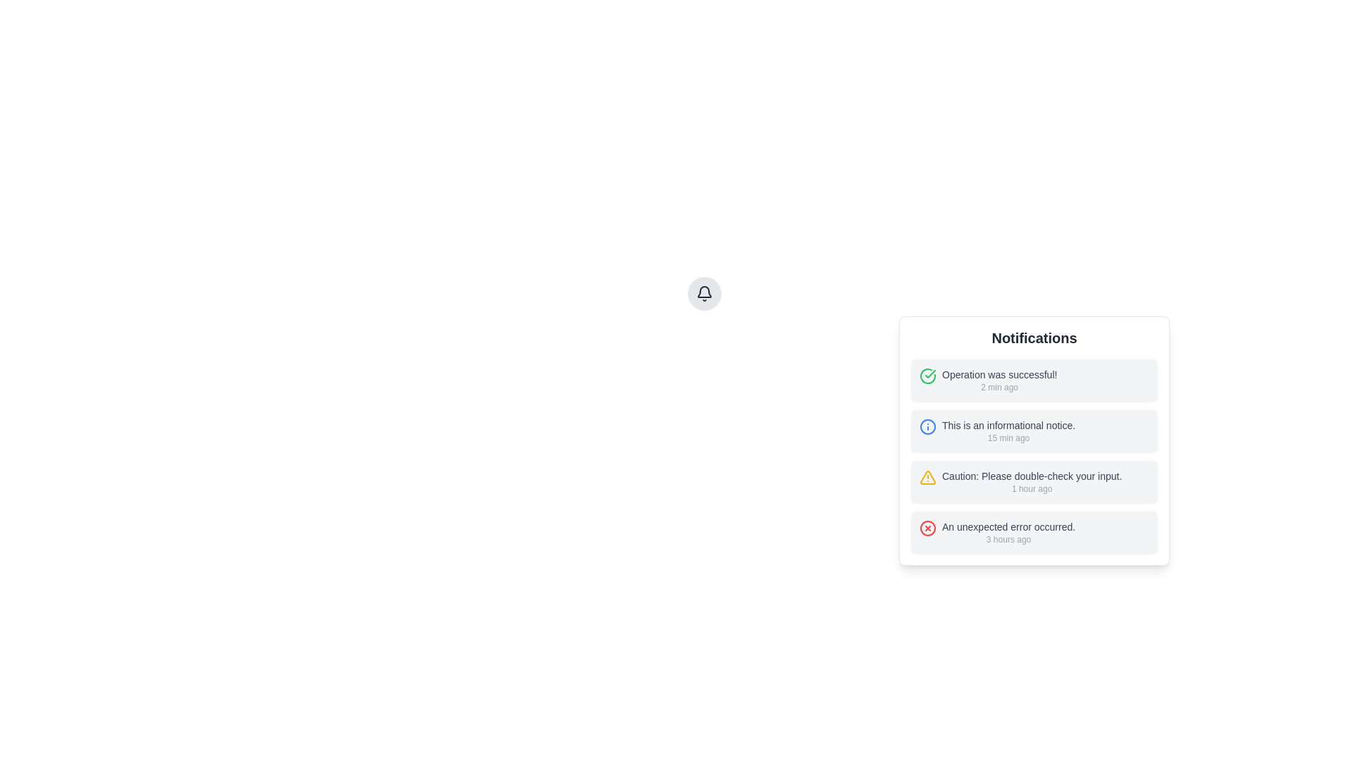 Image resolution: width=1353 pixels, height=761 pixels. I want to click on the bell-shaped icon with a hollow interior, outlined in black, located in the top-left quadrant of the viewport, so click(704, 291).